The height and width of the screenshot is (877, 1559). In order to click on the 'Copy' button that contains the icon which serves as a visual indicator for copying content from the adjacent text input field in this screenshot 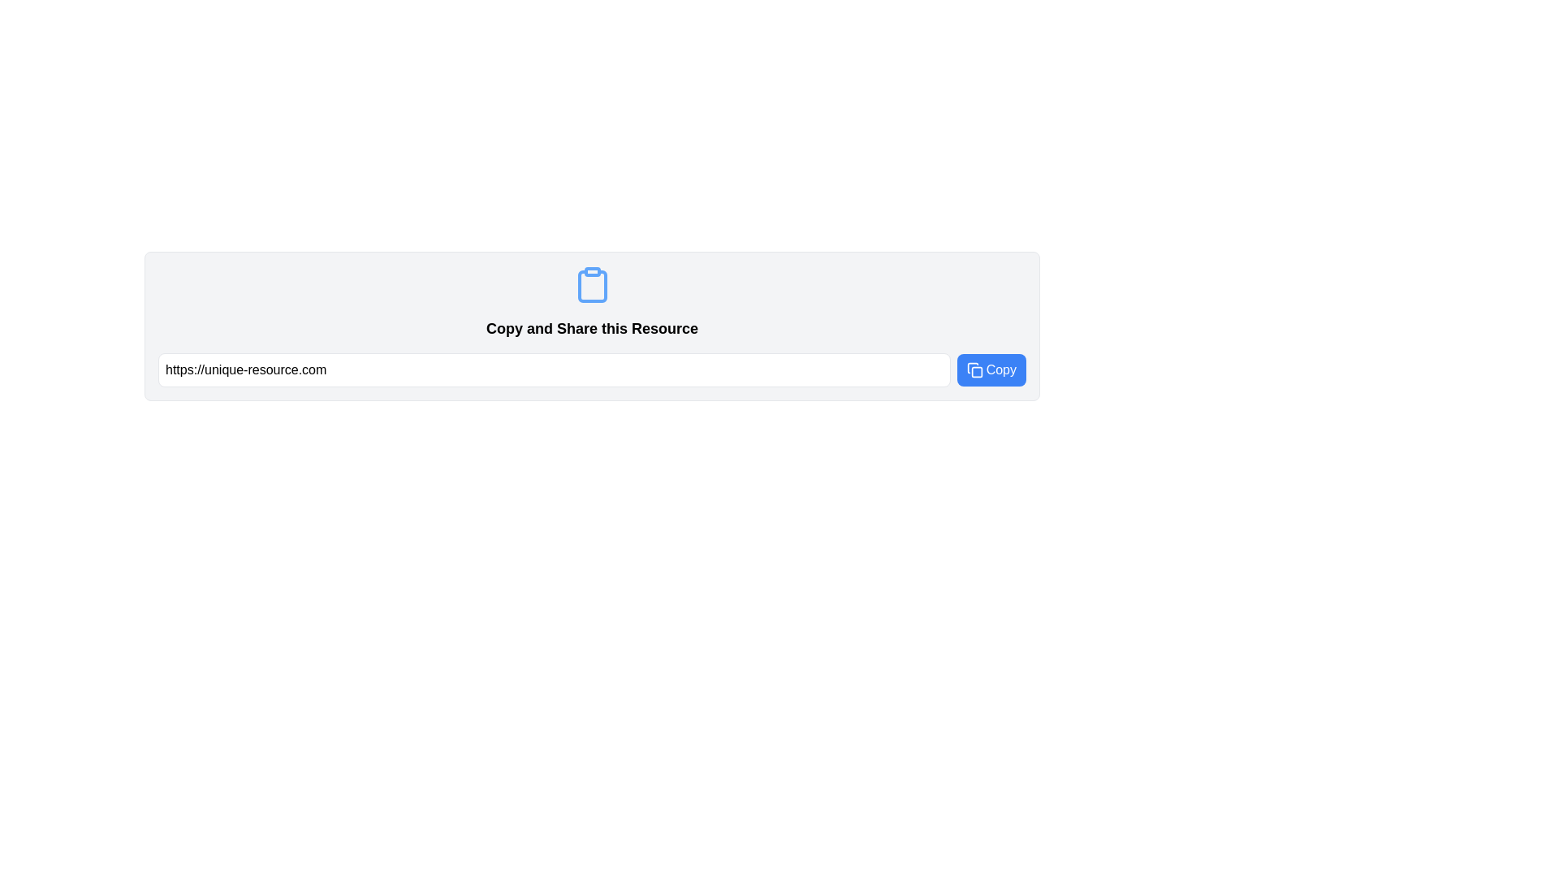, I will do `click(974, 369)`.